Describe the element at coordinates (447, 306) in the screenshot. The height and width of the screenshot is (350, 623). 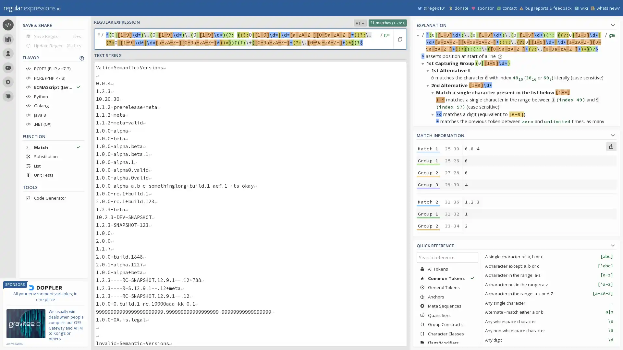
I see `Meta Sequences` at that location.